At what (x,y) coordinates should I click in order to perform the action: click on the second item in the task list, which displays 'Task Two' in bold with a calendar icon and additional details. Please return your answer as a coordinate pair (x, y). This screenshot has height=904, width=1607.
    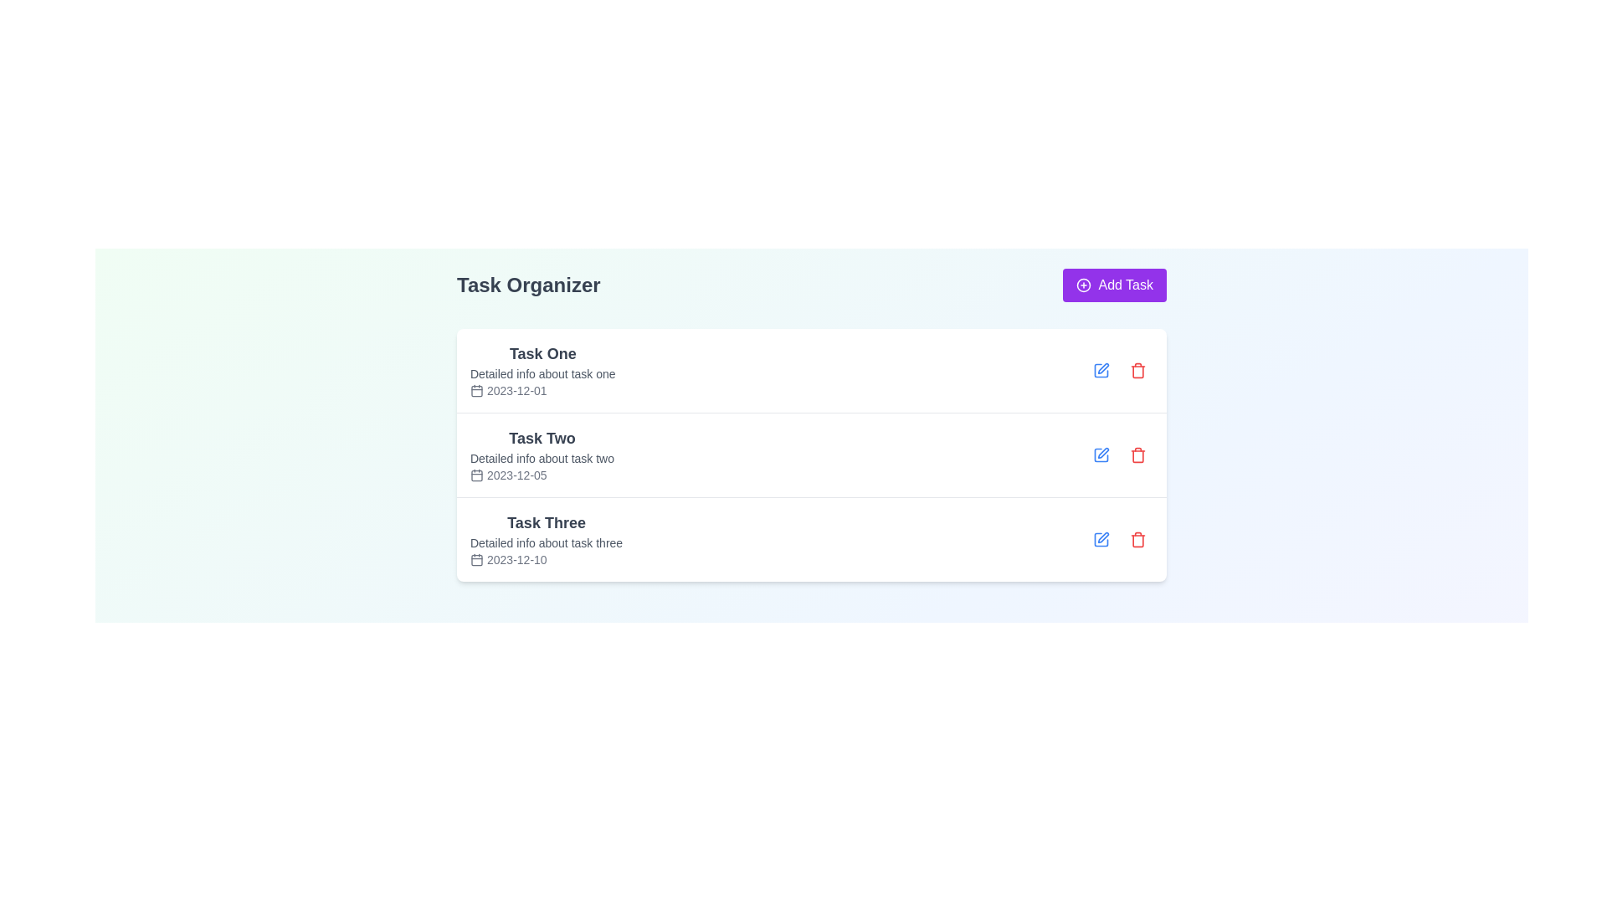
    Looking at the image, I should click on (542, 455).